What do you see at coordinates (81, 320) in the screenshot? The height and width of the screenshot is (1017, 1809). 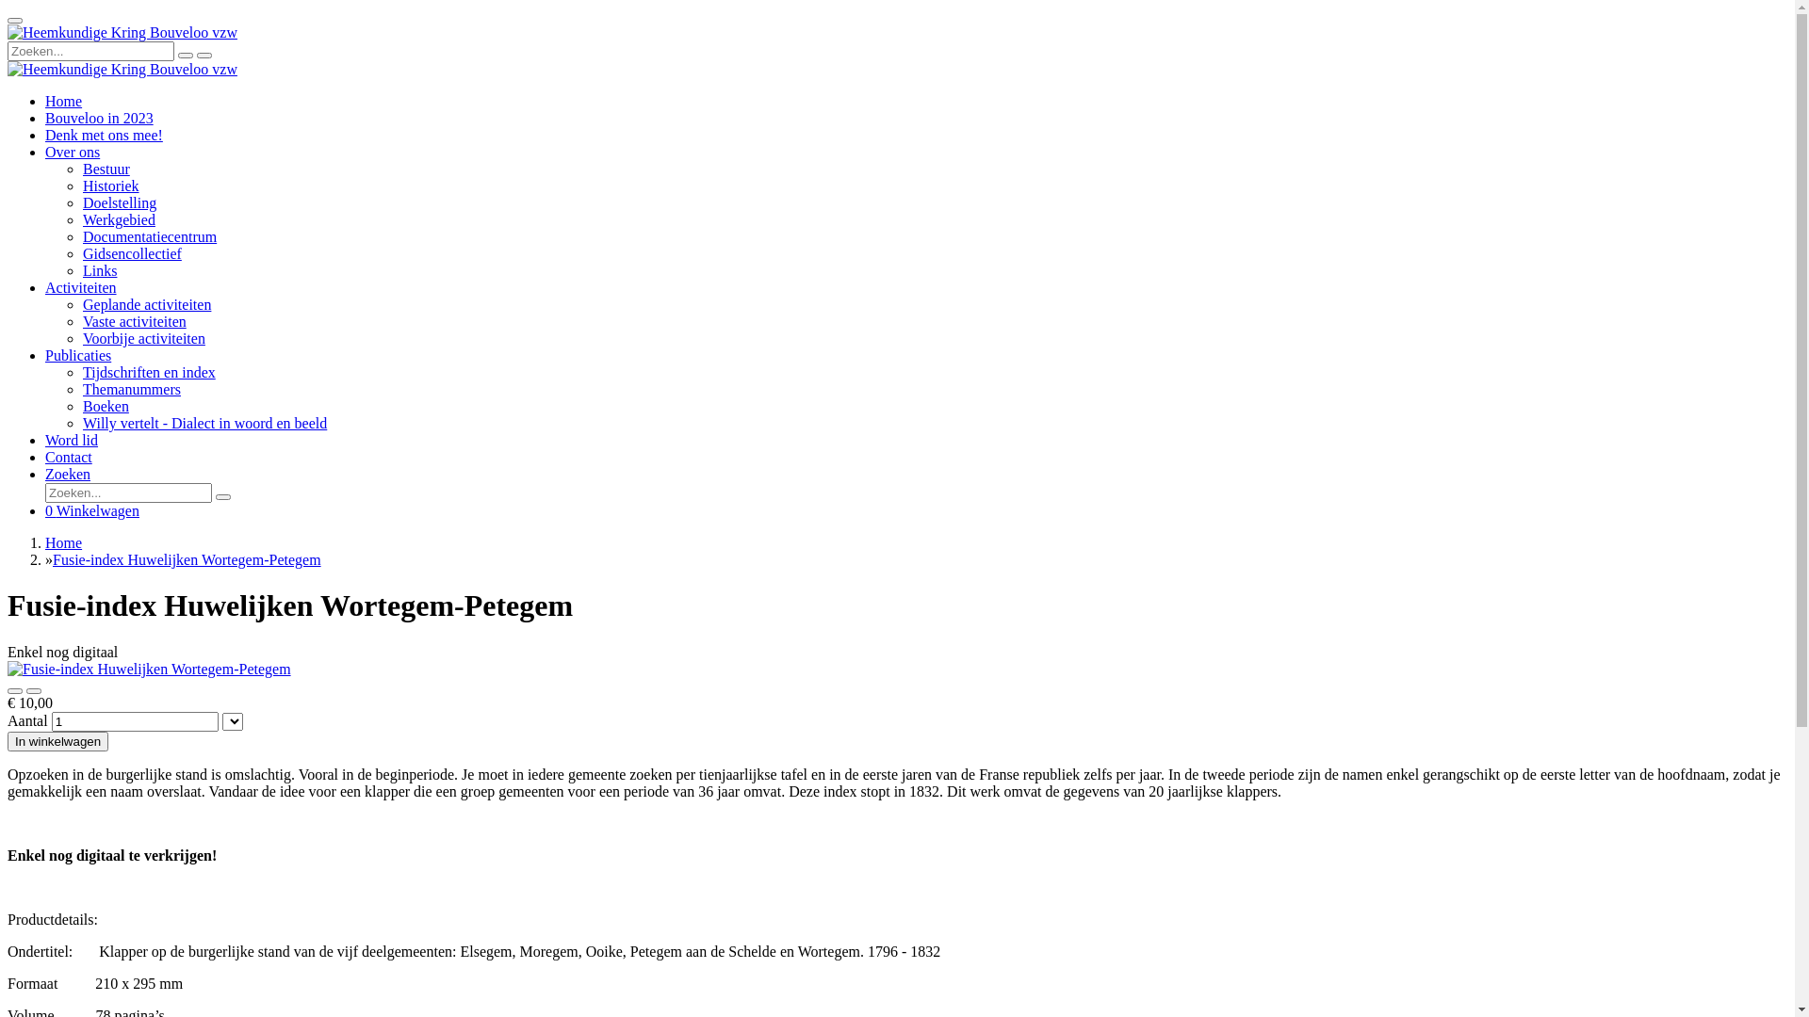 I see `'Vaste activiteiten'` at bounding box center [81, 320].